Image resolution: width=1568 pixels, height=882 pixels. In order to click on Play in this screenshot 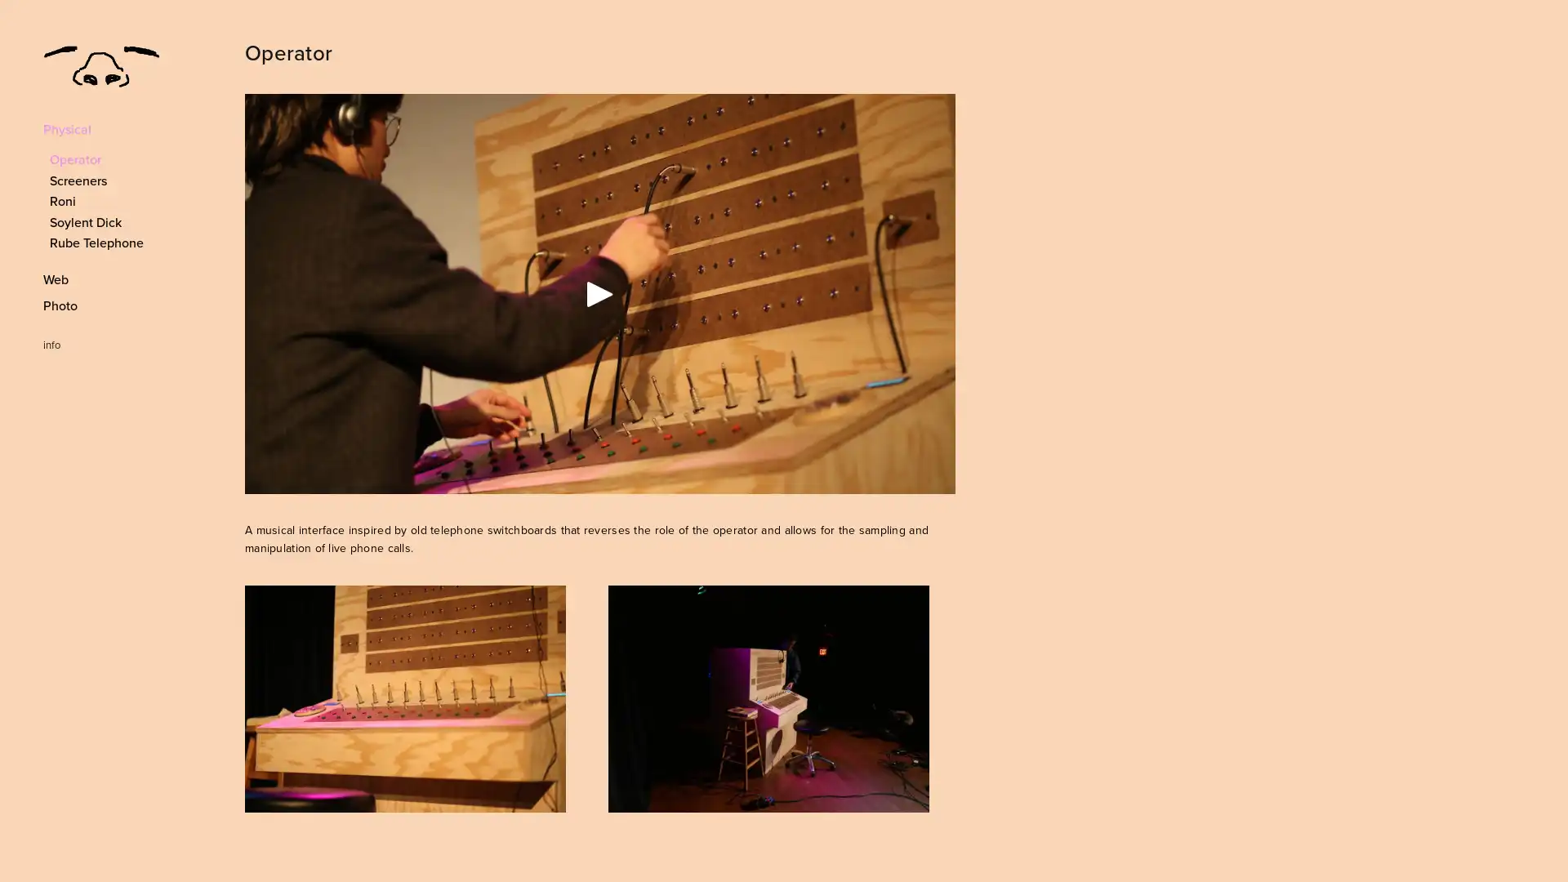, I will do `click(599, 292)`.